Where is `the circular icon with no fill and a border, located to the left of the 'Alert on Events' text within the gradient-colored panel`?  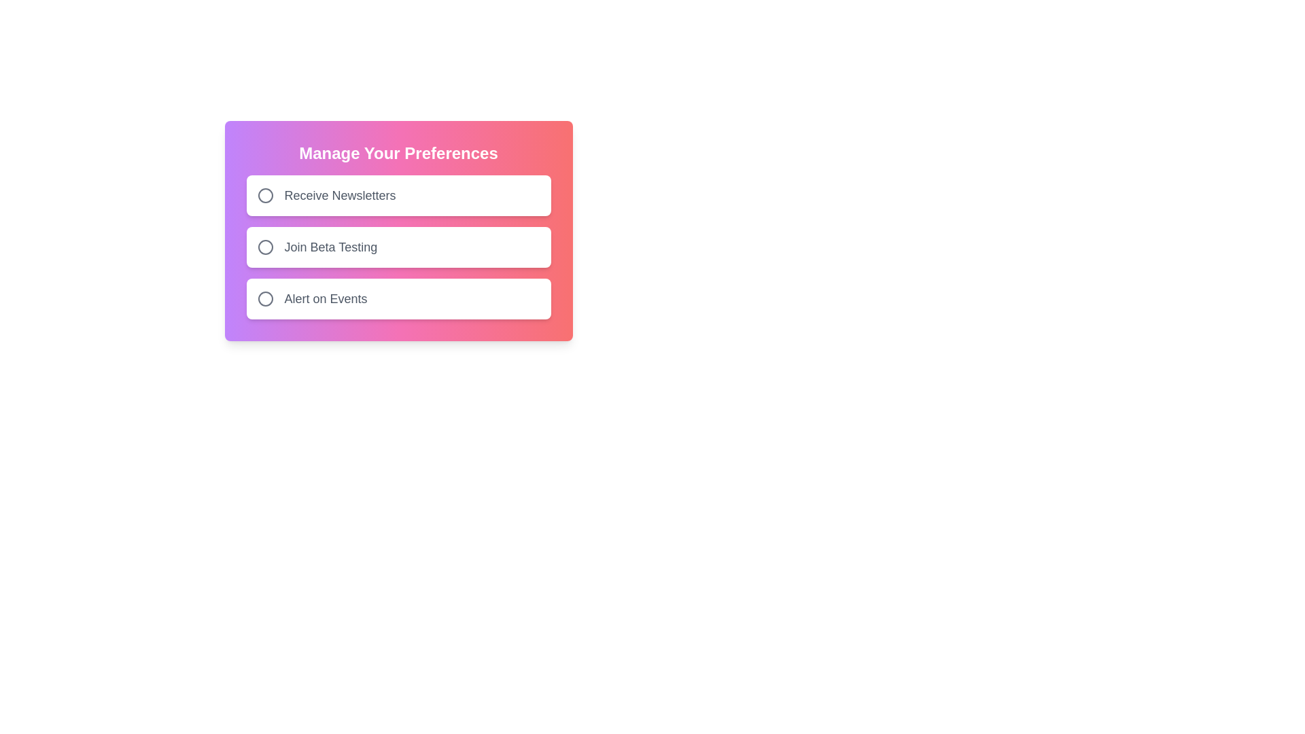
the circular icon with no fill and a border, located to the left of the 'Alert on Events' text within the gradient-colored panel is located at coordinates (265, 298).